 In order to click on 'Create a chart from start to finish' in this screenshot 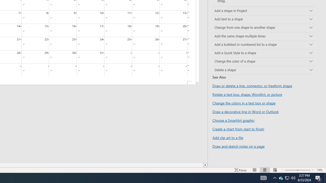, I will do `click(238, 129)`.